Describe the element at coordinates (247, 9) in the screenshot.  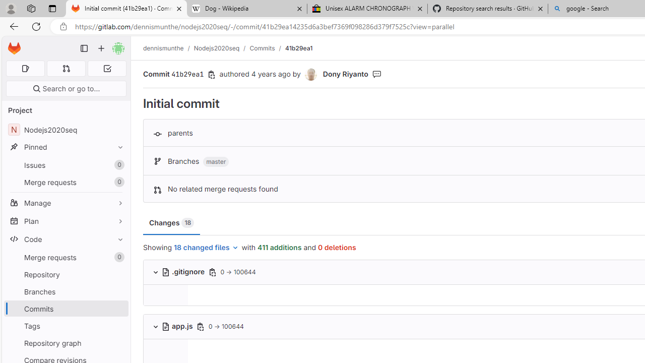
I see `'Dog - Wikipedia'` at that location.